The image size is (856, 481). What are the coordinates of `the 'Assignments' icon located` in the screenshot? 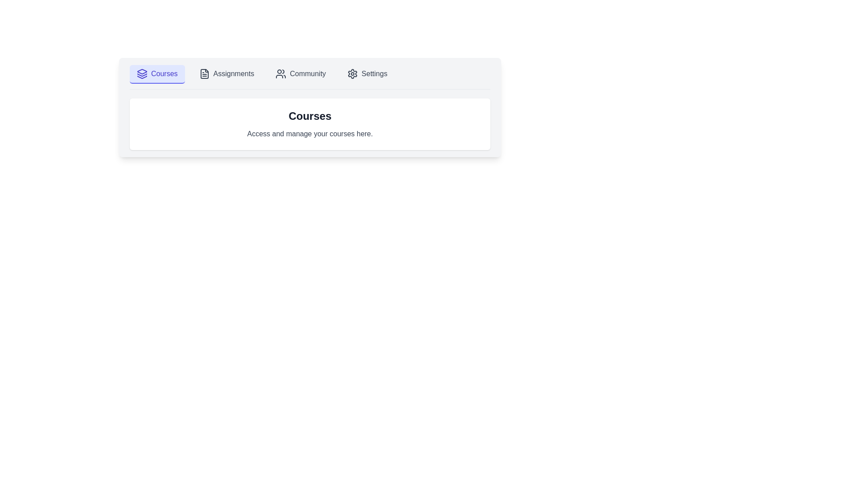 It's located at (204, 73).